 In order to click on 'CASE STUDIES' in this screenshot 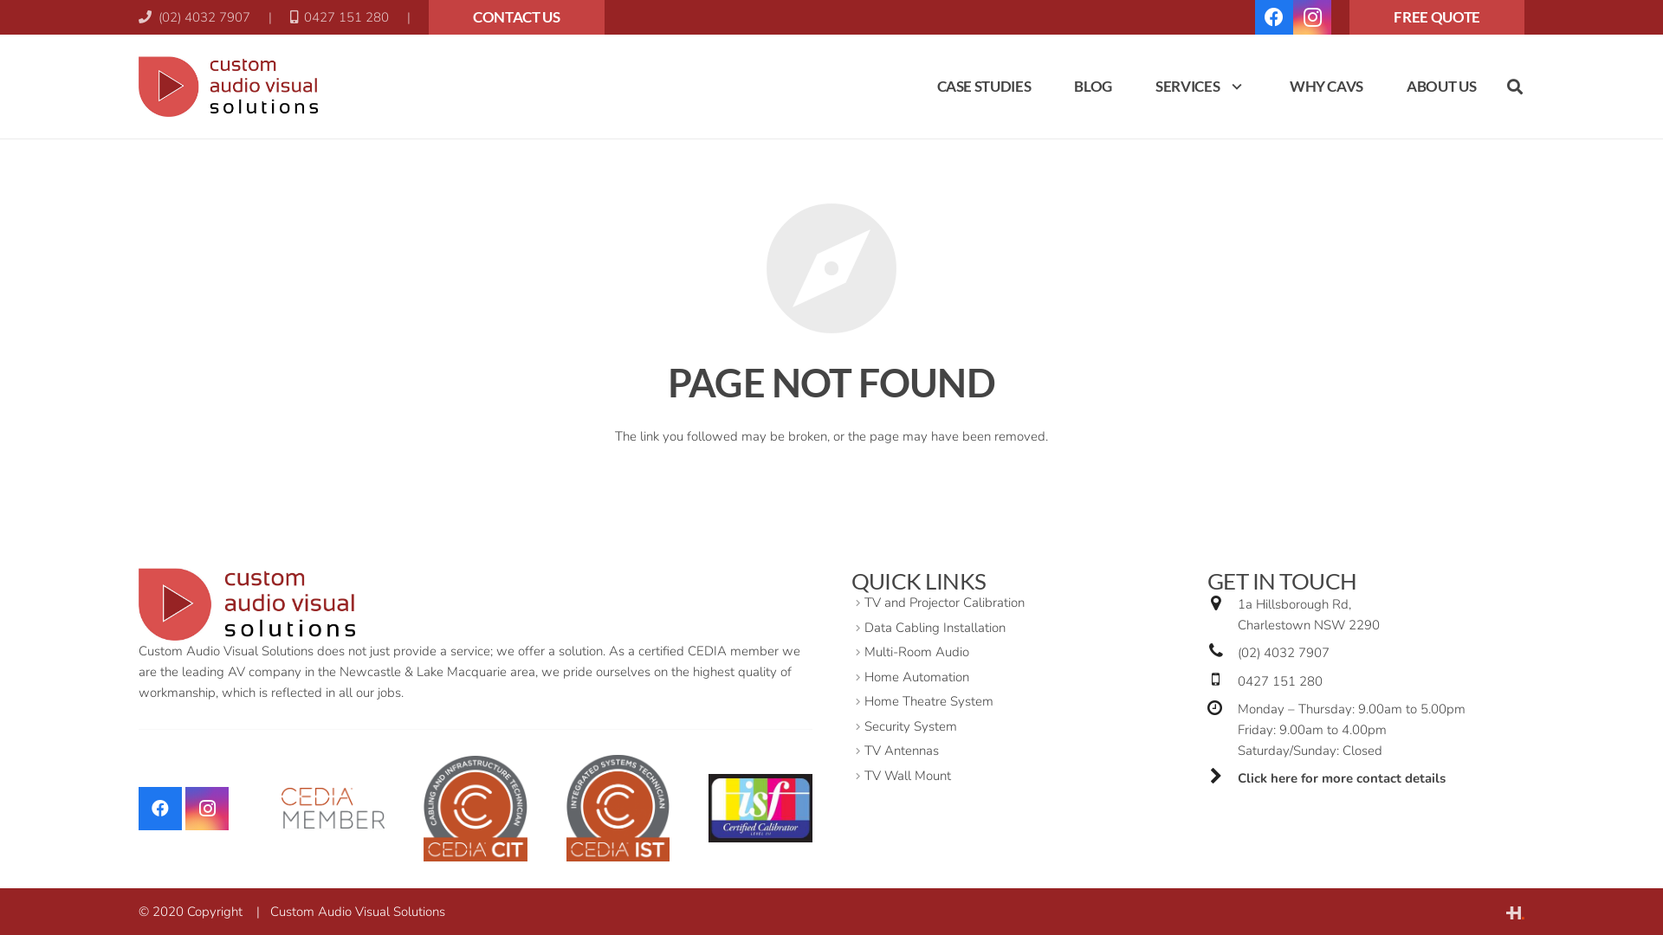, I will do `click(984, 87)`.